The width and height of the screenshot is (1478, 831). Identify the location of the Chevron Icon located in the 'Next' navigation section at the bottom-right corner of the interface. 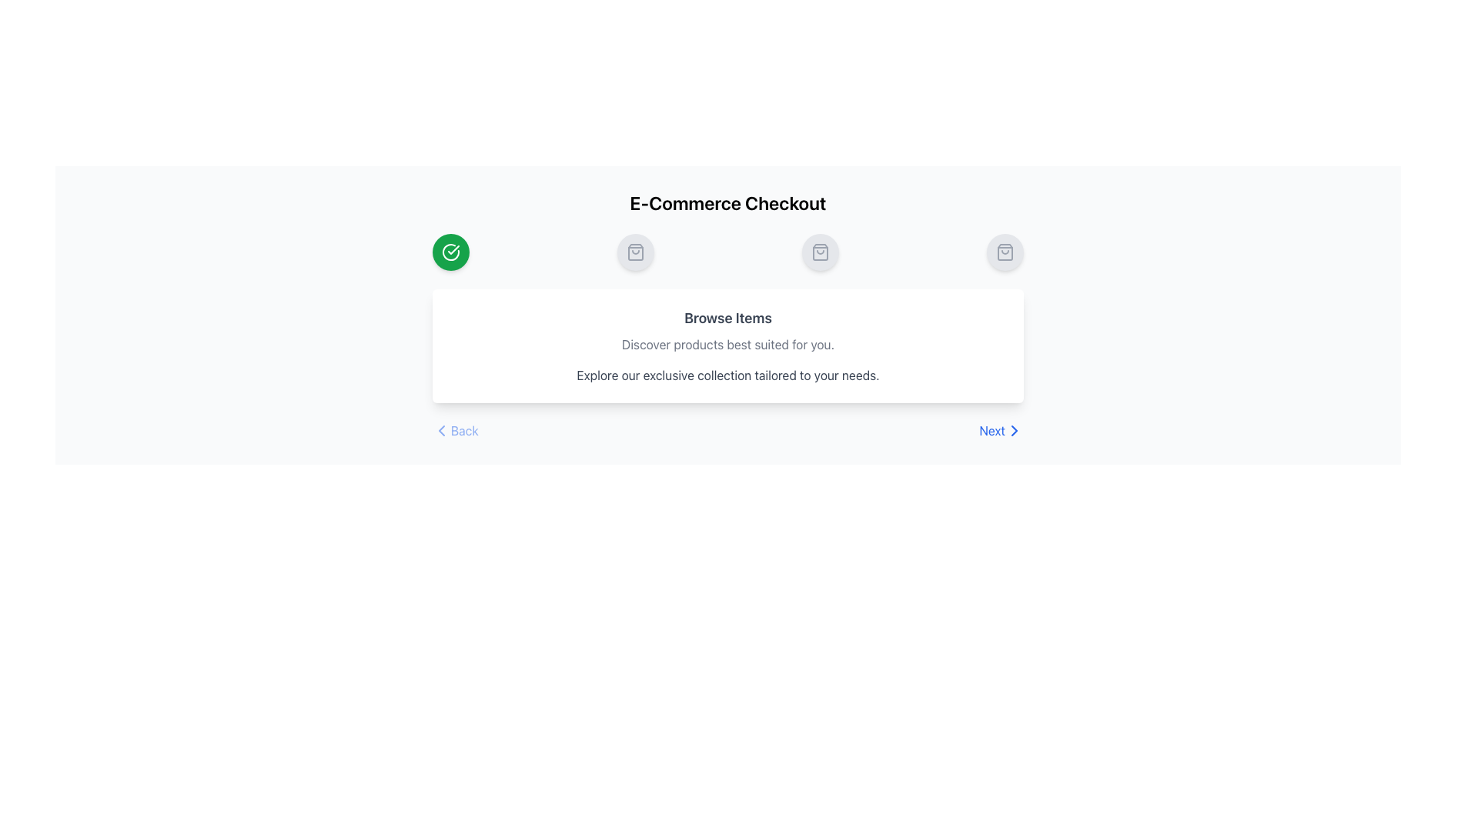
(1015, 430).